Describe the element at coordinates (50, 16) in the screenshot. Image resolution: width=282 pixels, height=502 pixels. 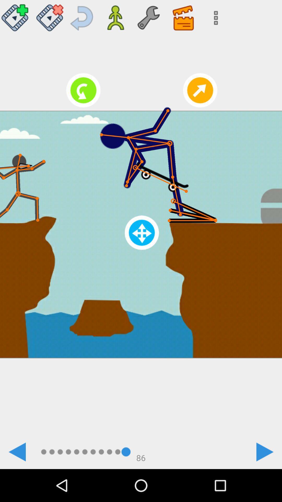
I see `delete movie` at that location.